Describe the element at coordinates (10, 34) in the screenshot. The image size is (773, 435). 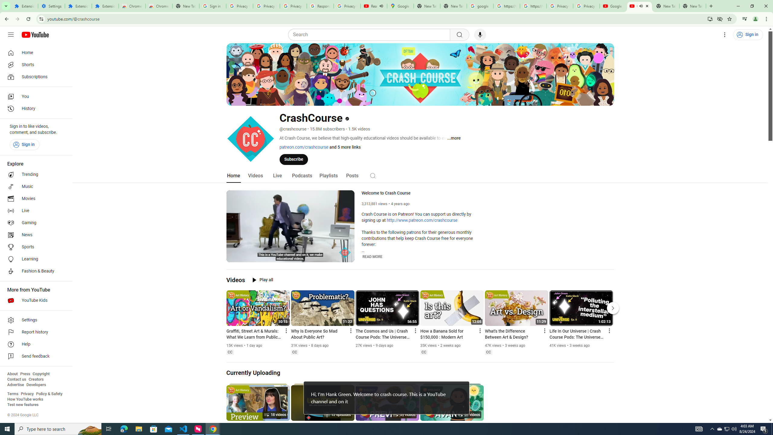
I see `'Guide'` at that location.